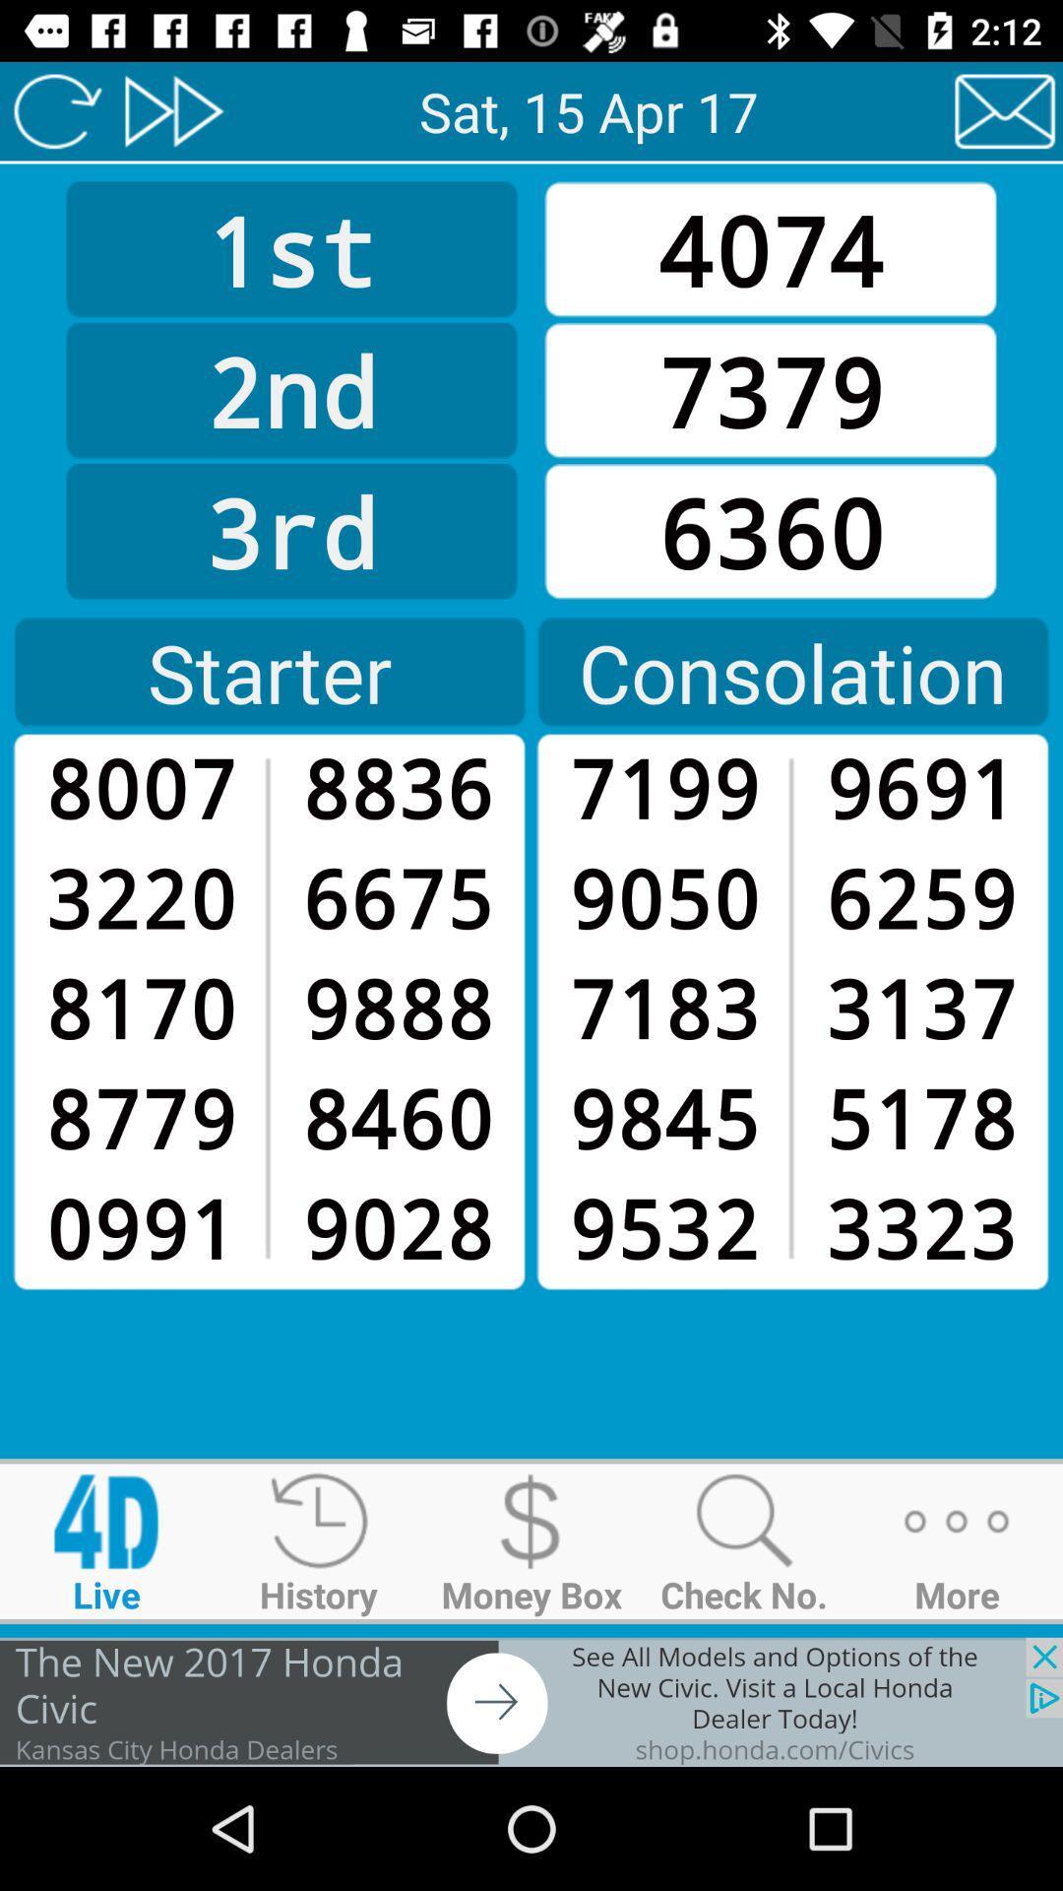  What do you see at coordinates (1005, 110) in the screenshot?
I see `the email icon` at bounding box center [1005, 110].